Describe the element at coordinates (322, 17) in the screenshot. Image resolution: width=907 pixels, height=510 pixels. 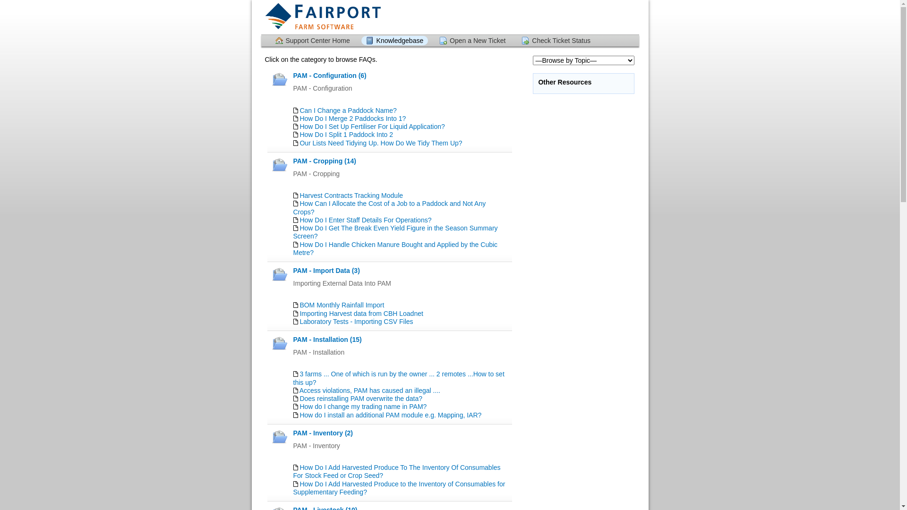
I see `'Support Center'` at that location.